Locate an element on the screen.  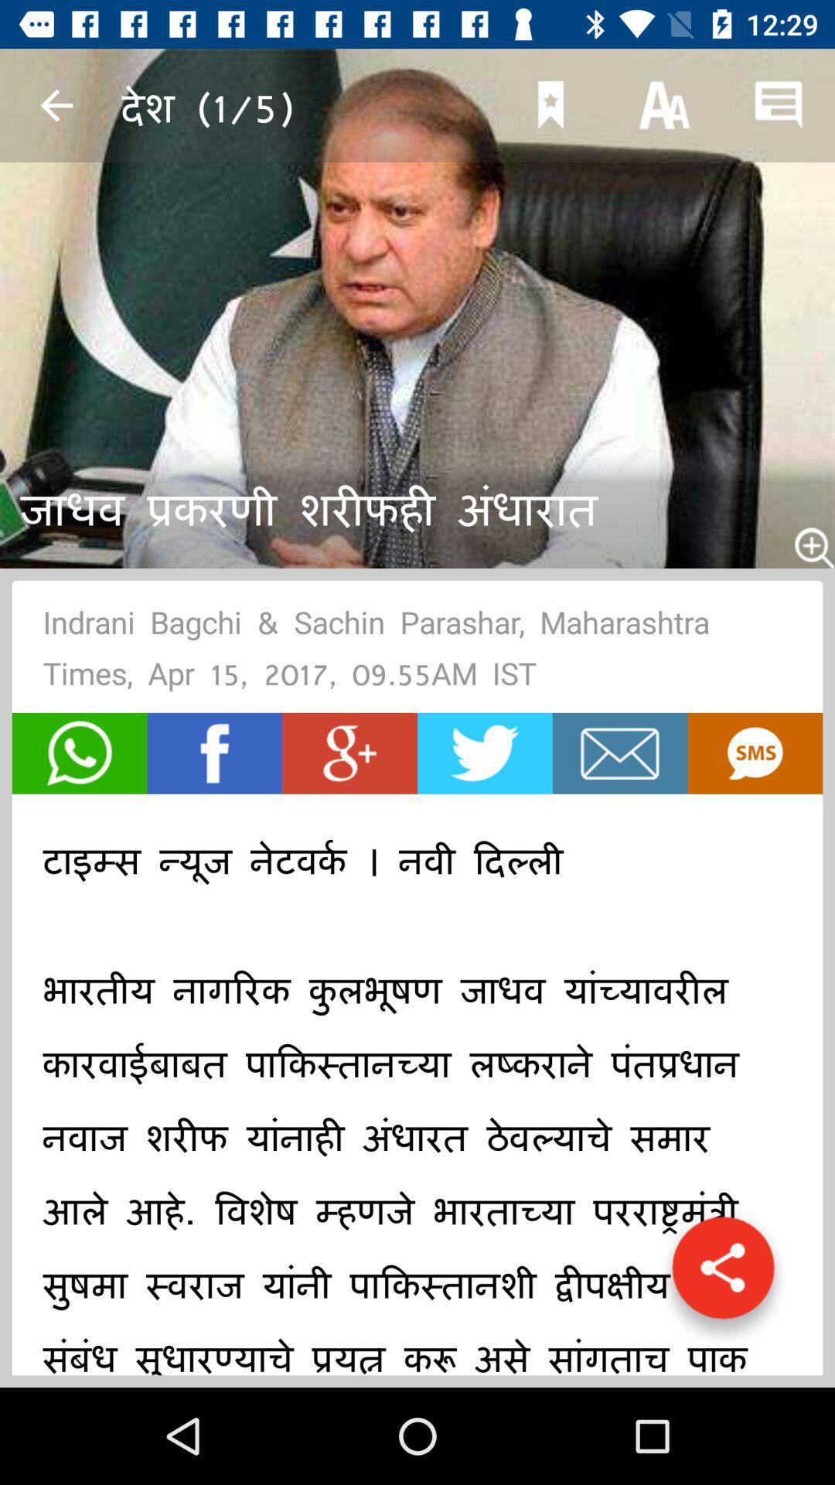
text article is located at coordinates (754, 753).